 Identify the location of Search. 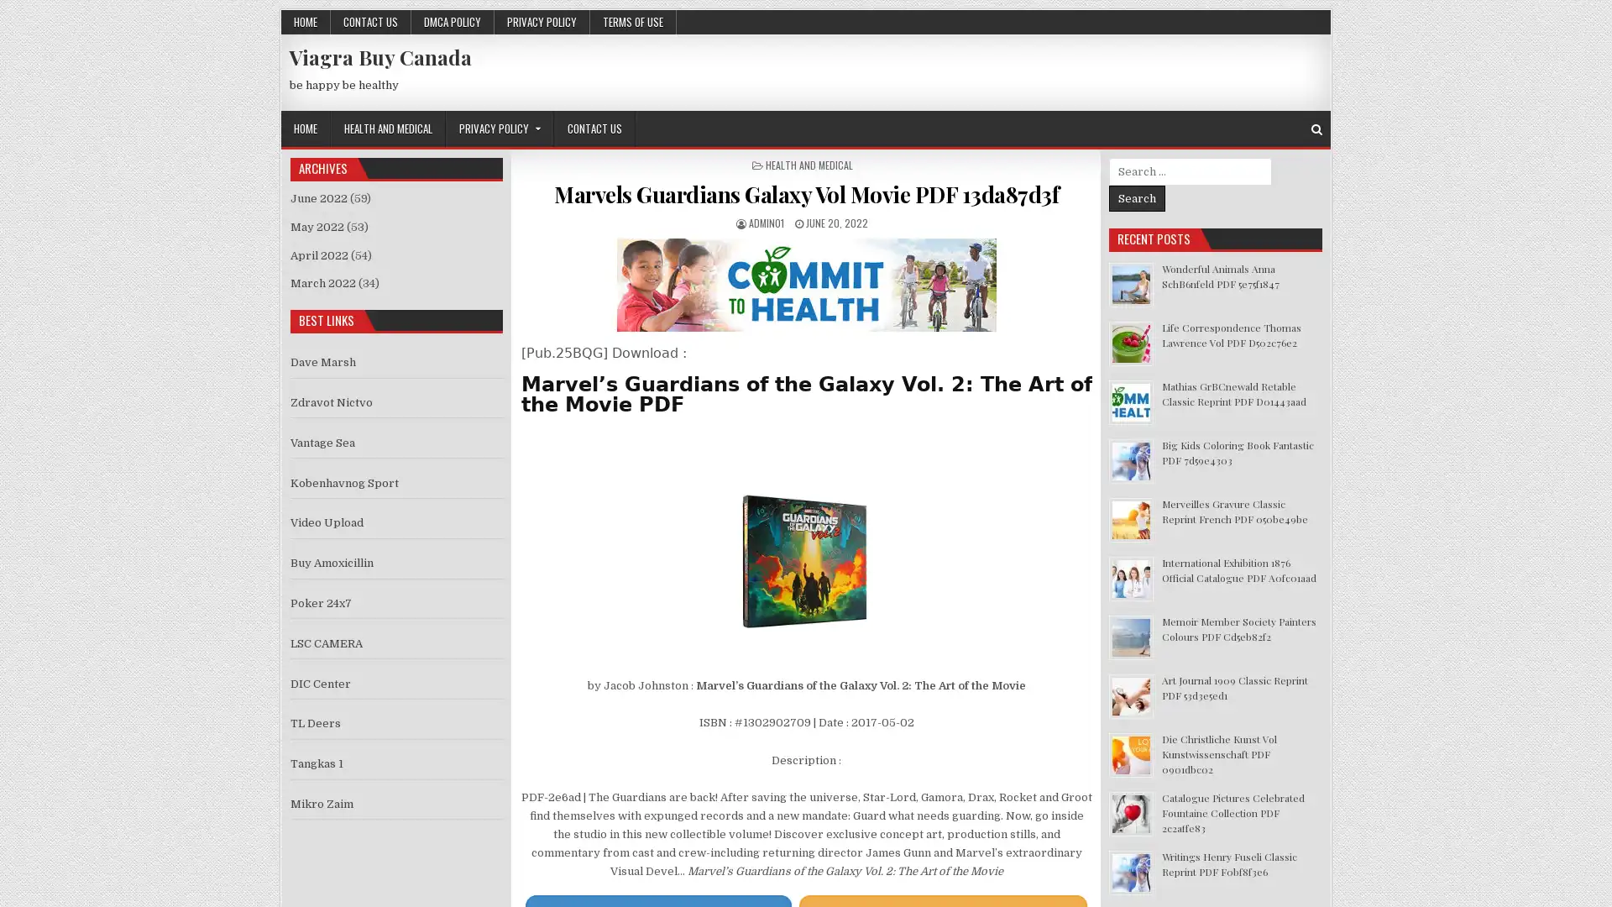
(1137, 197).